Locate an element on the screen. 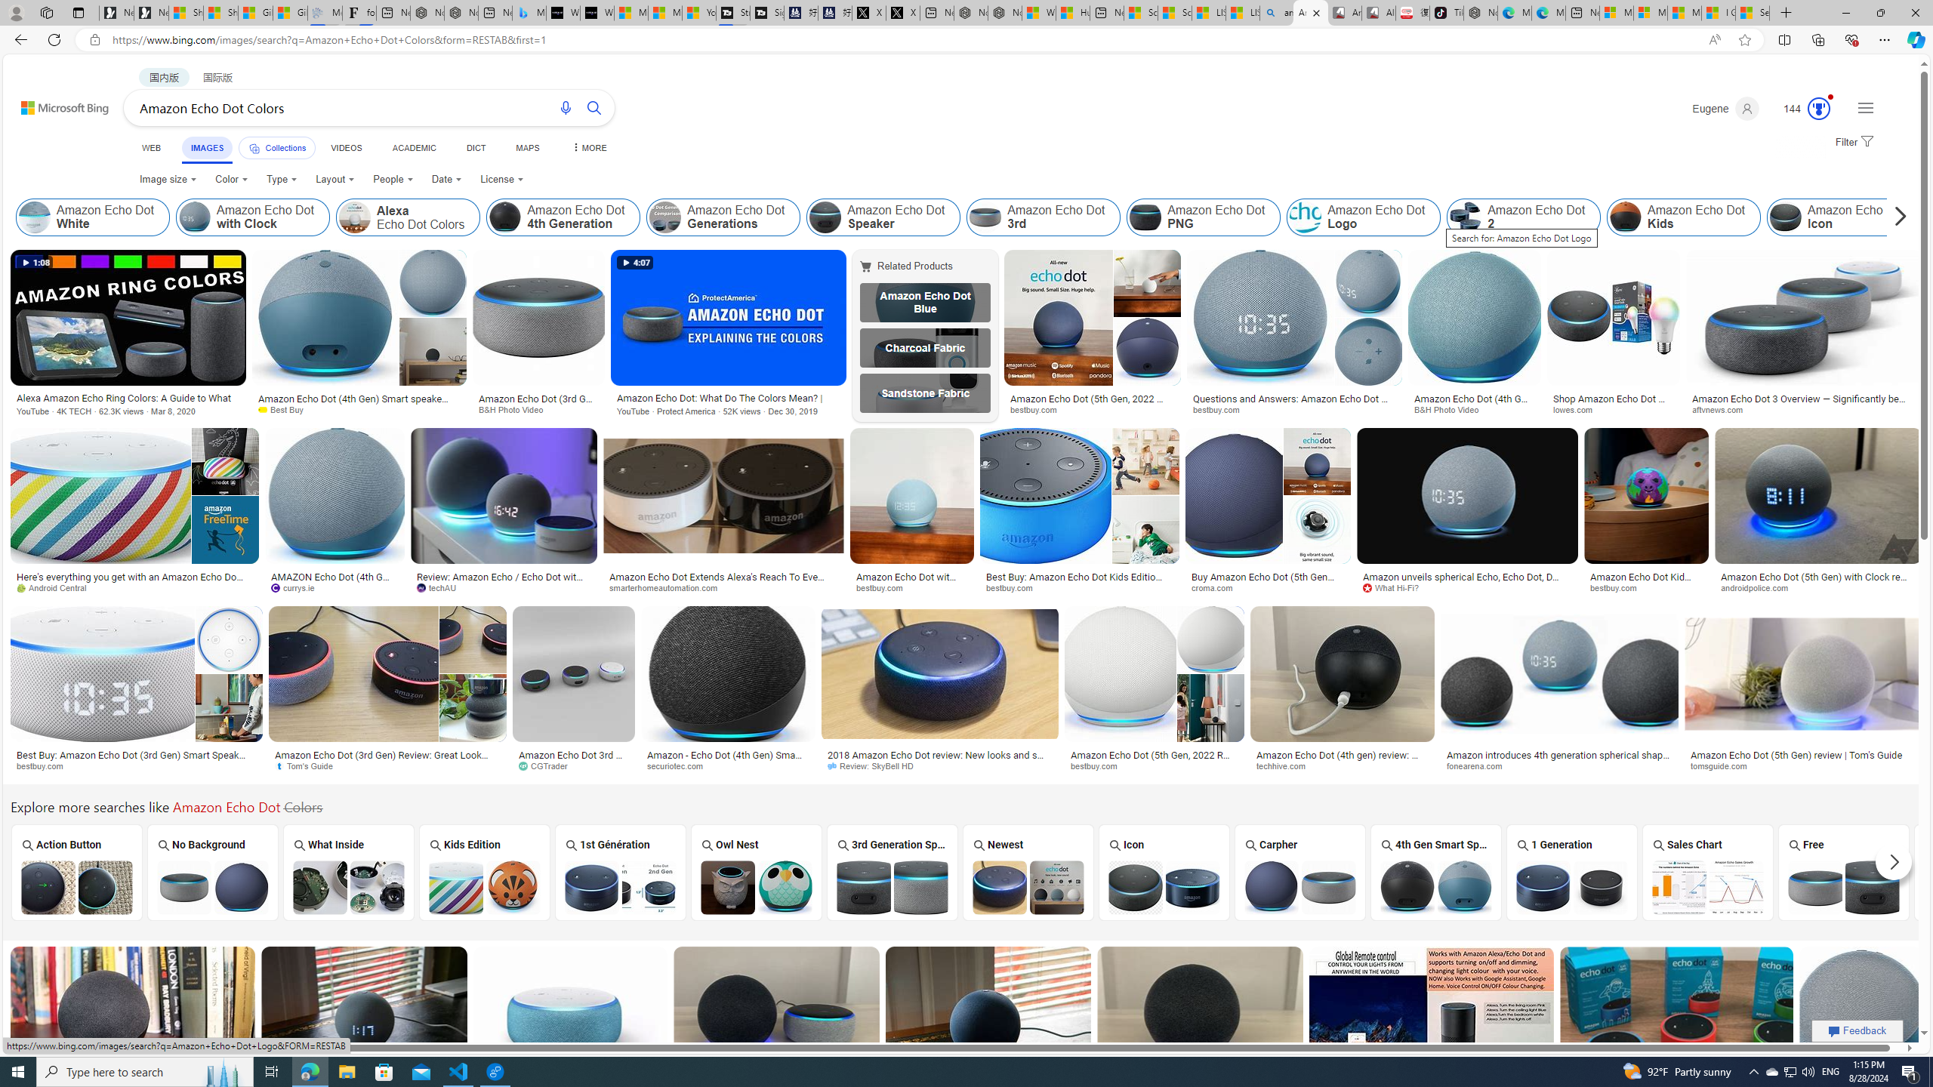 The image size is (1933, 1087). 'Amazon Echo Dot Speaker' is located at coordinates (883, 217).